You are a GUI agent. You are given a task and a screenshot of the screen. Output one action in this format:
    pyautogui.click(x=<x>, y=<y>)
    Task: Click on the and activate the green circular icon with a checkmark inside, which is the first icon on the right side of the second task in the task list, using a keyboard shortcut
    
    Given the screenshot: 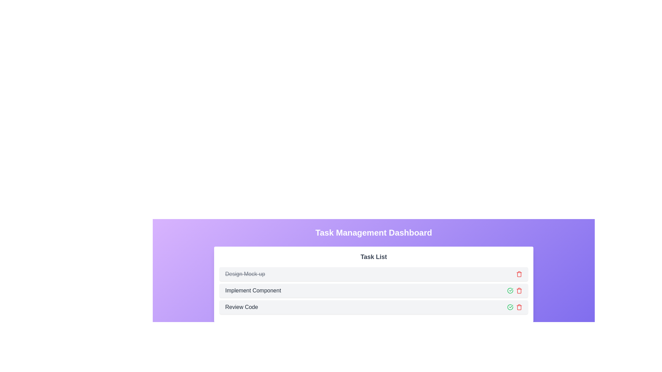 What is the action you would take?
    pyautogui.click(x=510, y=291)
    